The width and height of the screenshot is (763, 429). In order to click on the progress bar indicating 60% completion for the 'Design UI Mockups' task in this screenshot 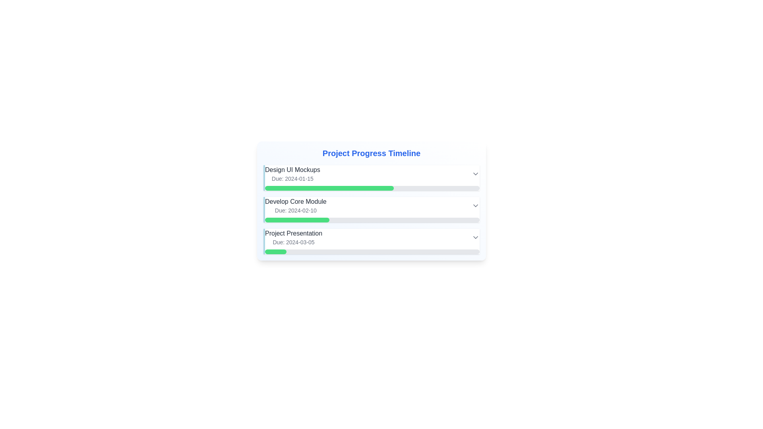, I will do `click(329, 188)`.